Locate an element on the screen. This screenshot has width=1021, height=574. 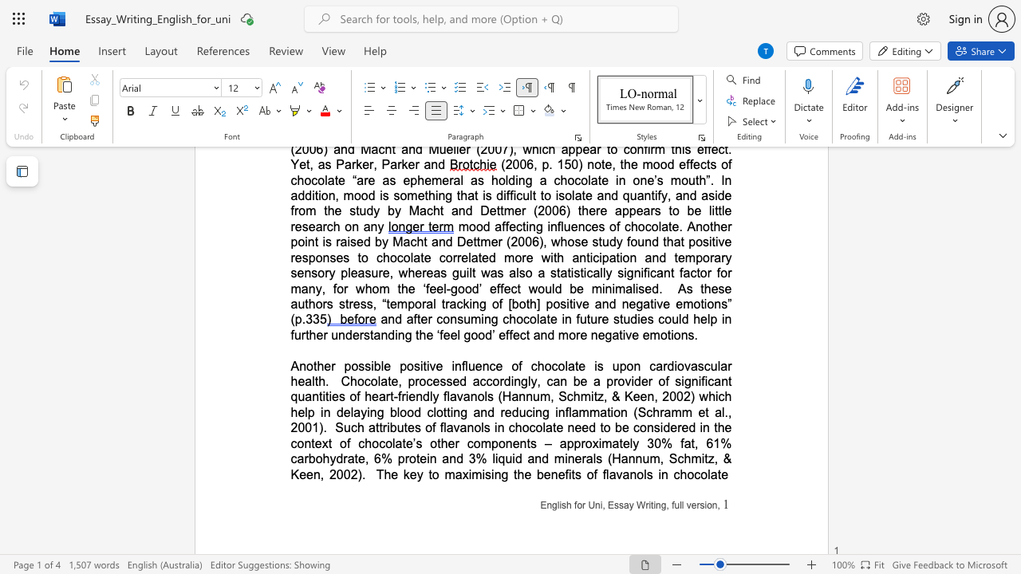
the space between the continuous character "i" and "s" in the text is located at coordinates (597, 366).